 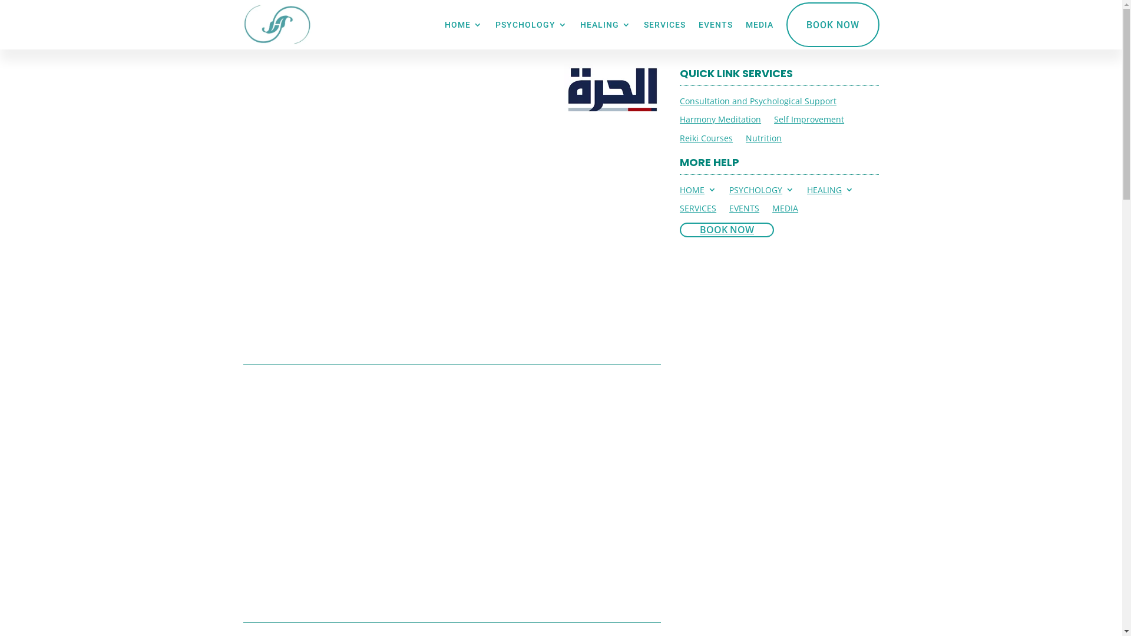 I want to click on 'Reiki Courses', so click(x=706, y=140).